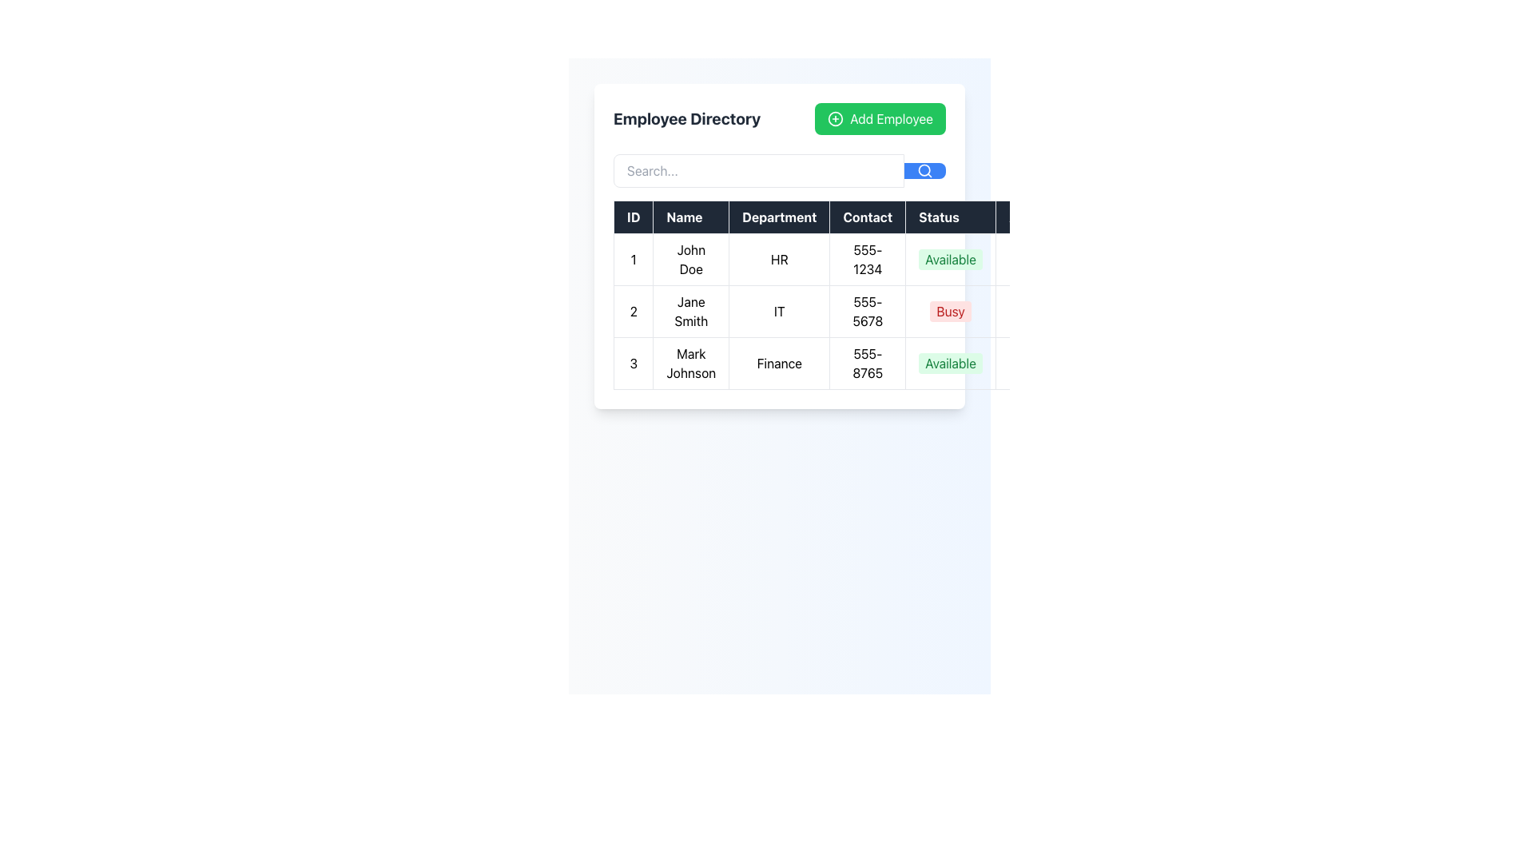  Describe the element at coordinates (841, 217) in the screenshot. I see `alignment and styling of the Header row of the table, which is the first row providing labels for each column, located at the top of the table` at that location.